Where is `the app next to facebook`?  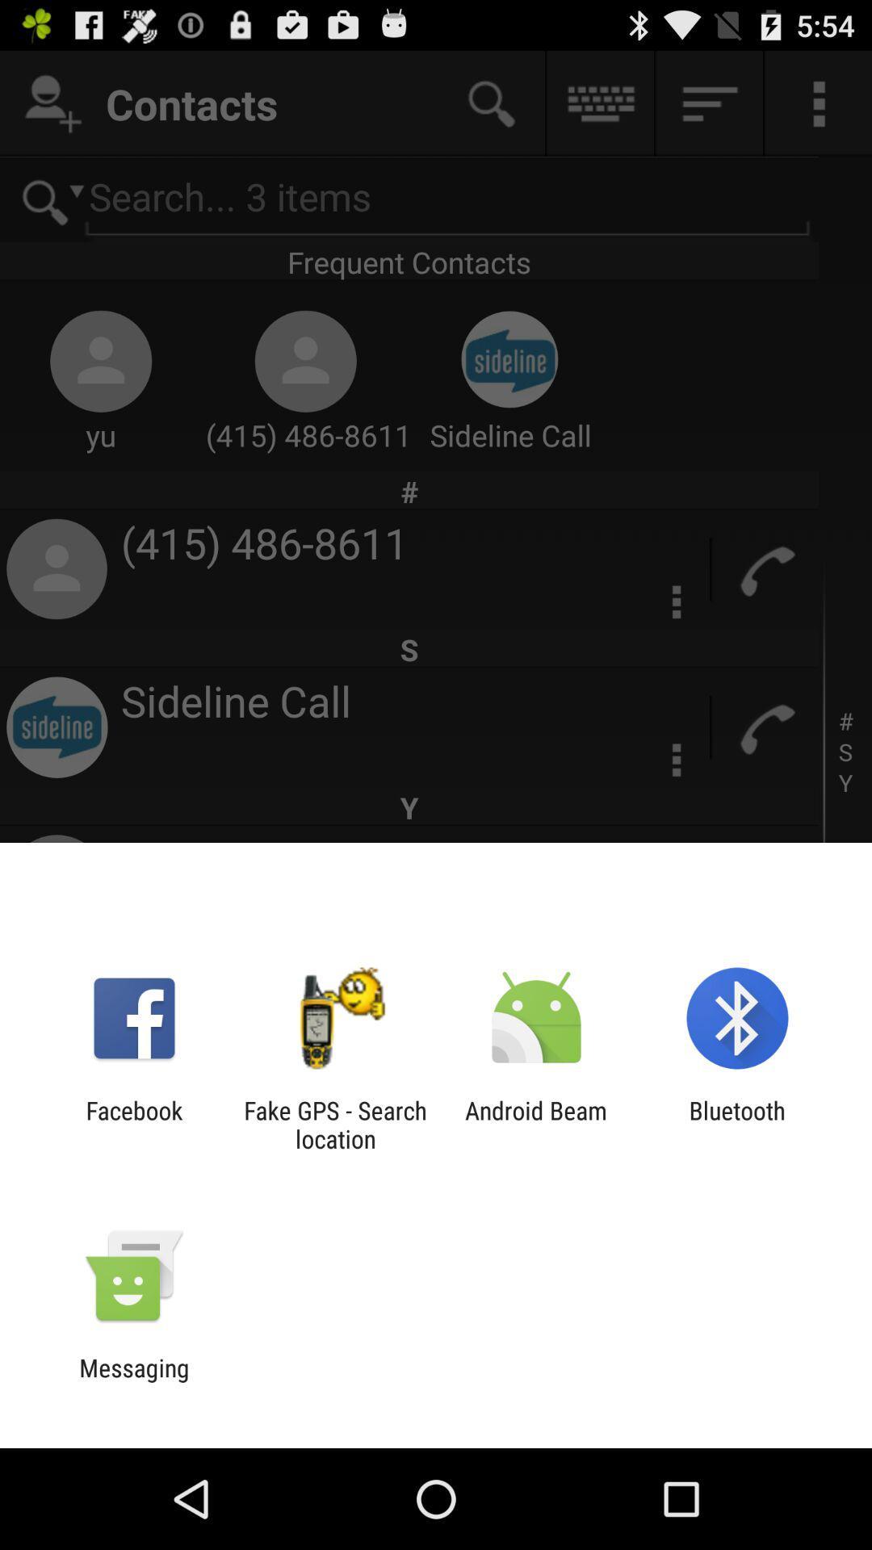 the app next to facebook is located at coordinates (334, 1124).